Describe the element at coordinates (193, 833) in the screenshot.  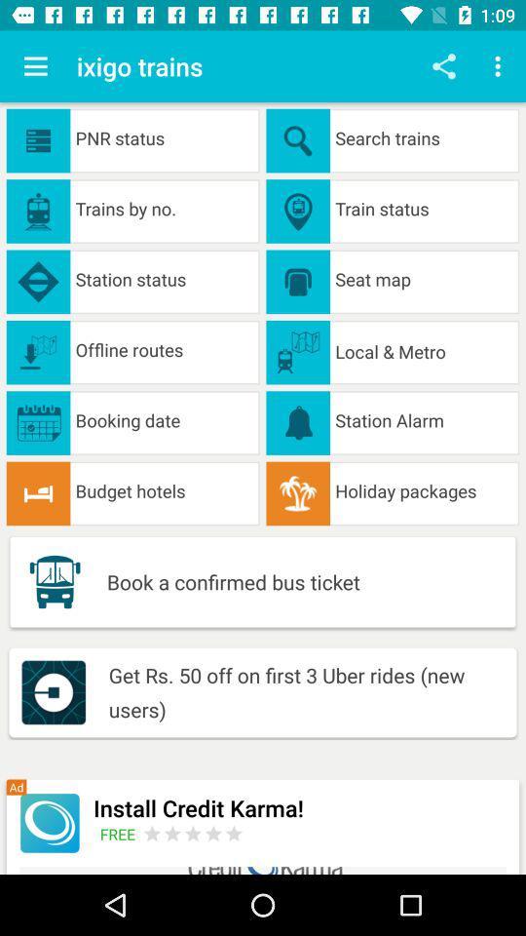
I see `star rate option` at that location.